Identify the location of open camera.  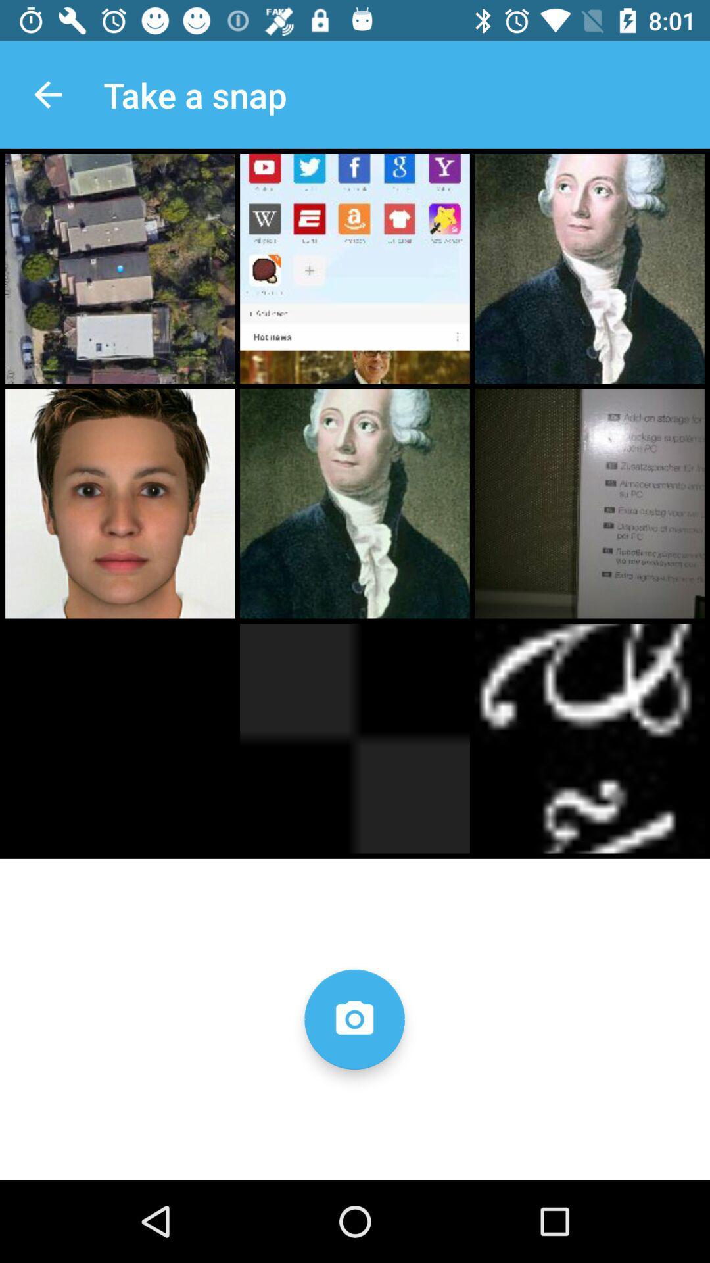
(354, 1018).